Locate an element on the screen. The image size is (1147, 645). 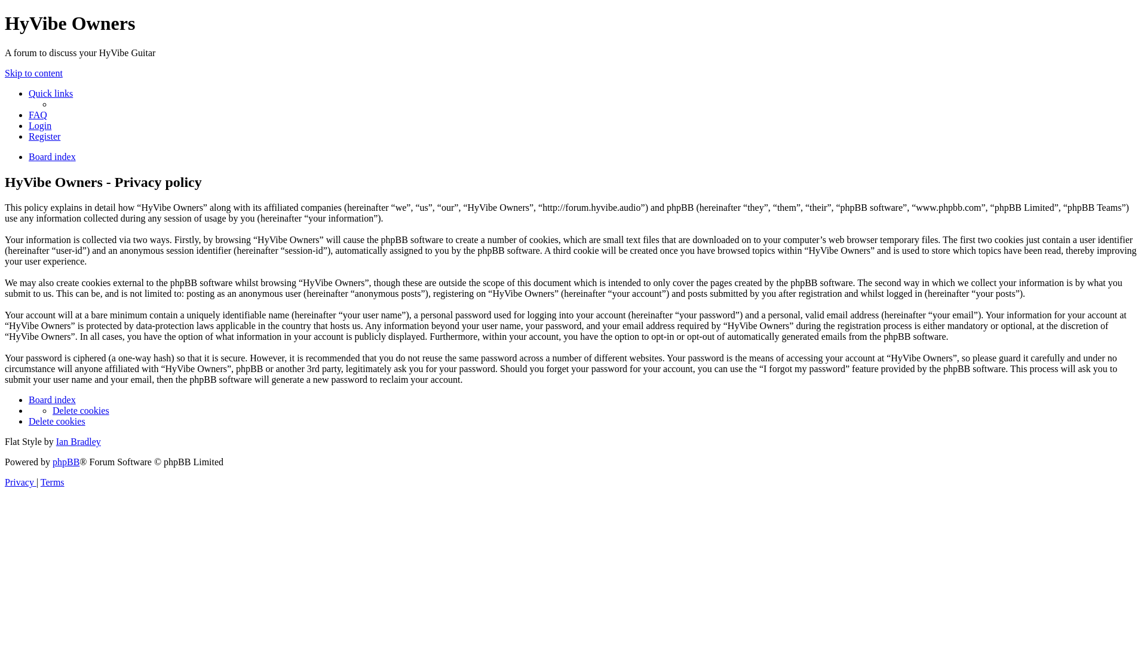
'Delete cookies' is located at coordinates (51, 410).